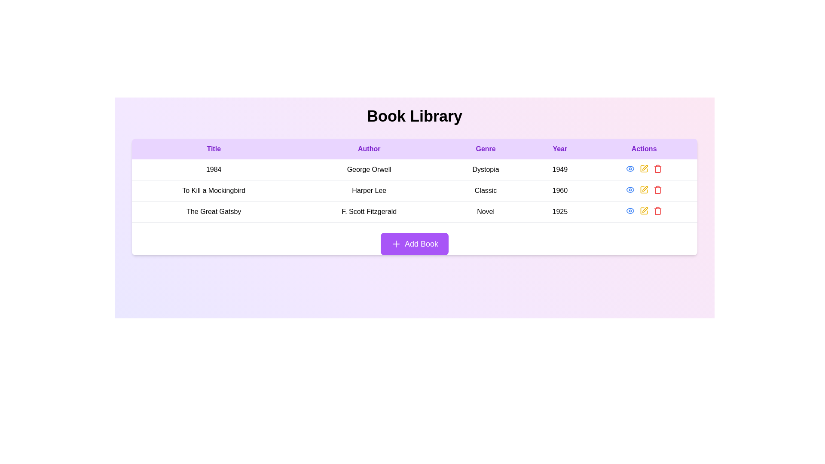 The height and width of the screenshot is (464, 825). I want to click on the 'Years' column header in the table, which is the fourth header located between 'Genre' and 'Actions', so click(560, 149).